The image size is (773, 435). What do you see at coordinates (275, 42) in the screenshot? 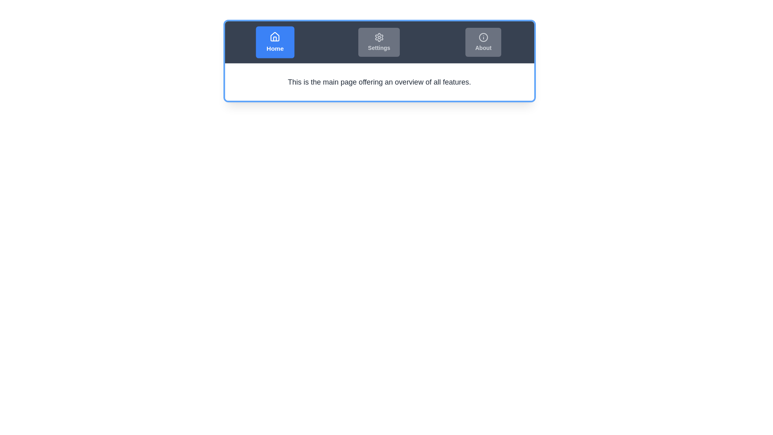
I see `the Home tab by clicking the corresponding button` at bounding box center [275, 42].